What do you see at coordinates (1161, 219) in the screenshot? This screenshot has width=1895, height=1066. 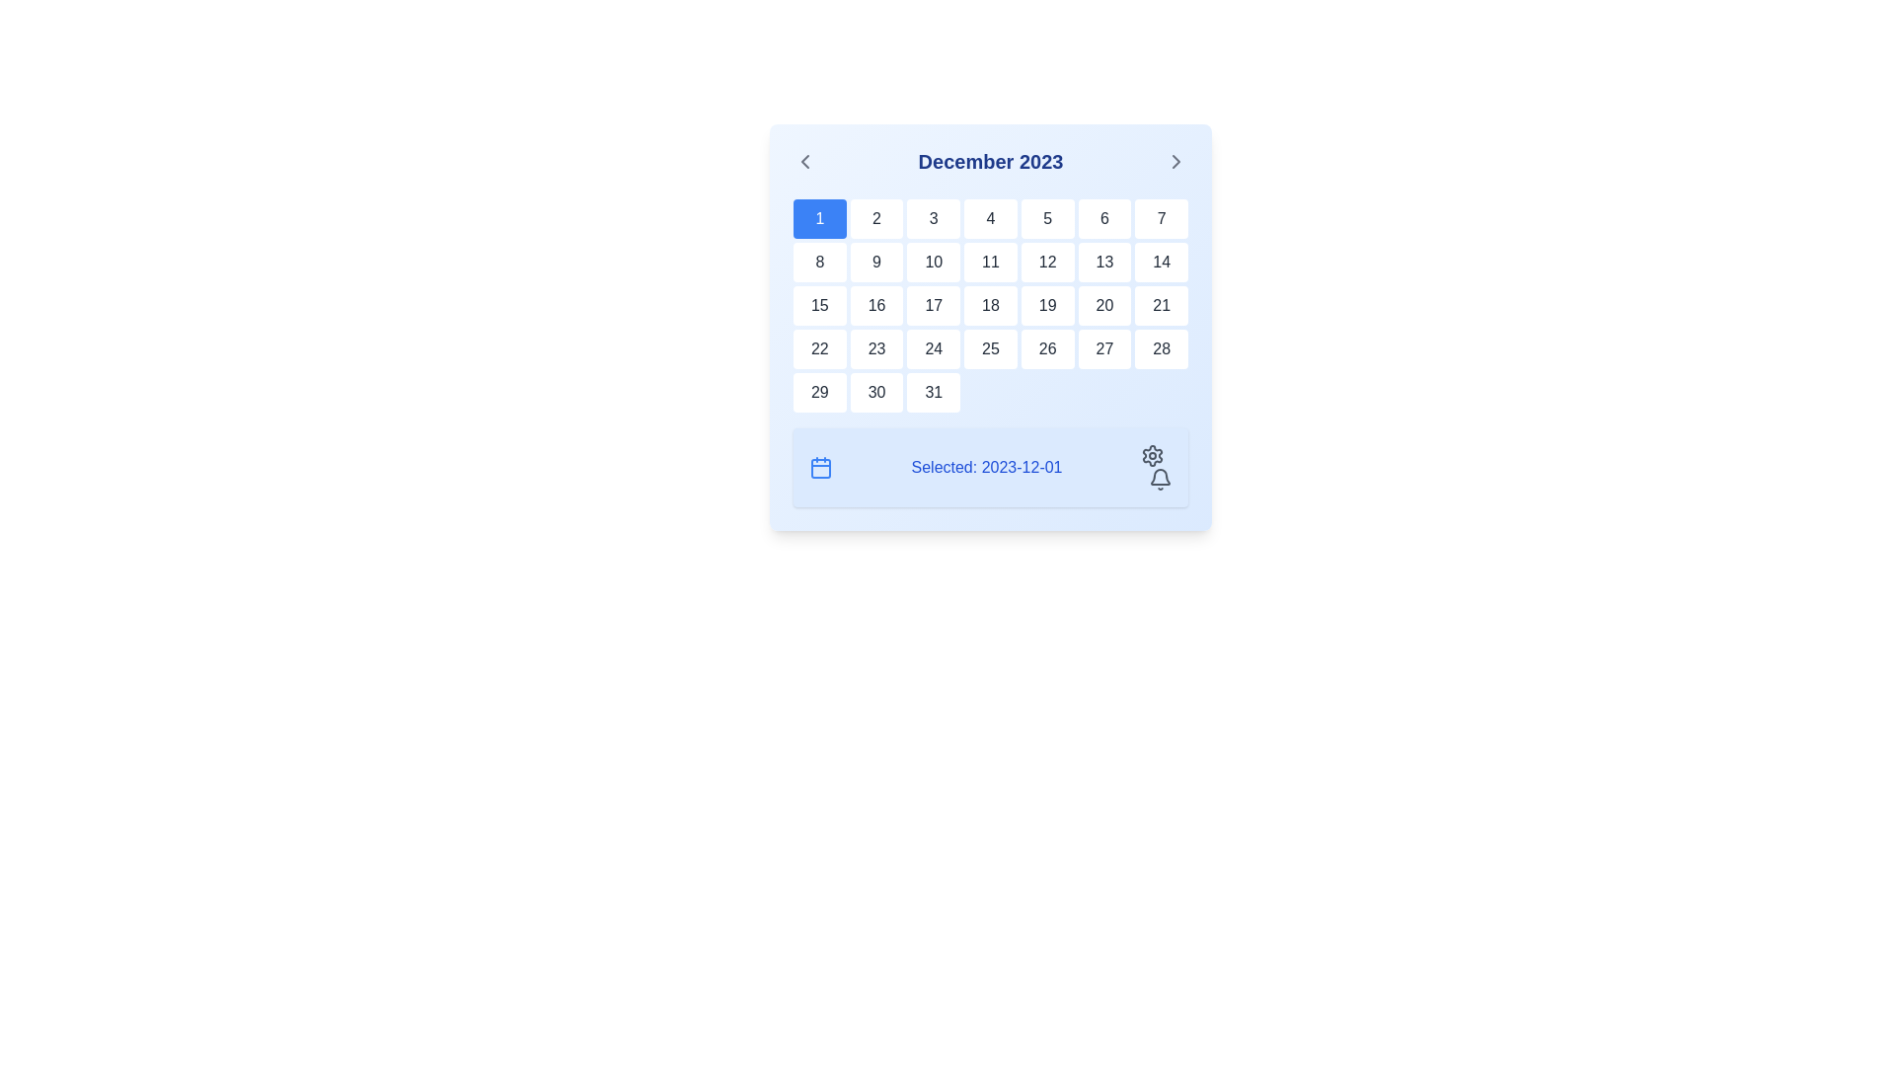 I see `the small rectangular button with rounded corners and the numeral '7' in a dark font` at bounding box center [1161, 219].